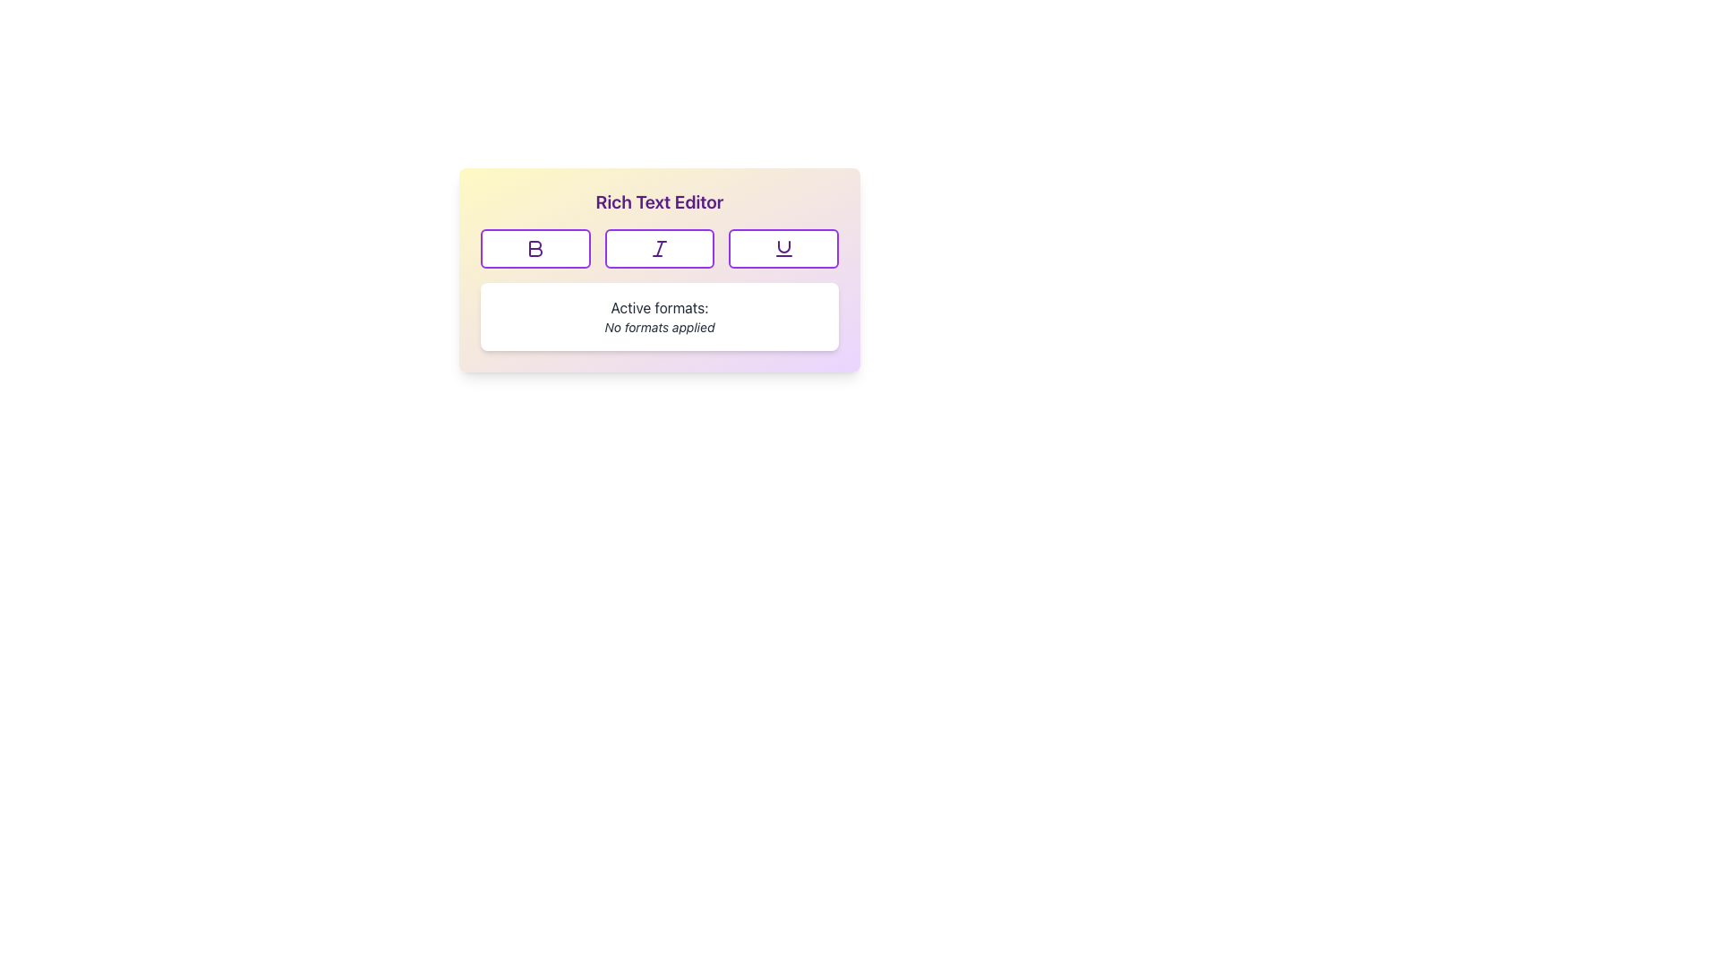 This screenshot has height=967, width=1719. I want to click on the formatting button in the Rich Text Editor, so click(659, 270).